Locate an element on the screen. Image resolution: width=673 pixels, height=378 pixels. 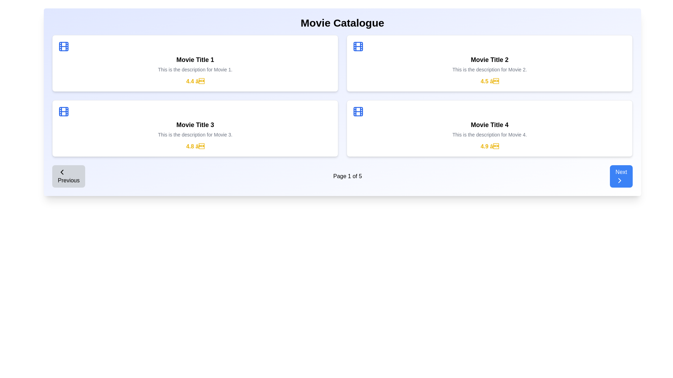
the filmstrip icon located at the top-left corner of the card for 'Movie Title 1', which is characterized by a rectangular shape with horizontal divisions and blue color scheme is located at coordinates (64, 46).